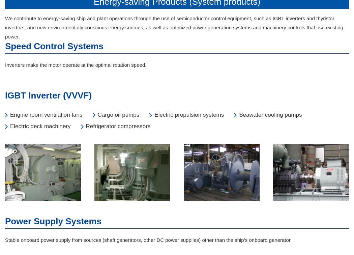  I want to click on 'We contribute to energy-saving ship and plant operations through the use of semiconductor control equipment, such as IGBT inverters and thyristor invertors, and new environmentally conscious energy sources, as well as optimized power generation systems and machinery controls that use existing power.', so click(174, 27).